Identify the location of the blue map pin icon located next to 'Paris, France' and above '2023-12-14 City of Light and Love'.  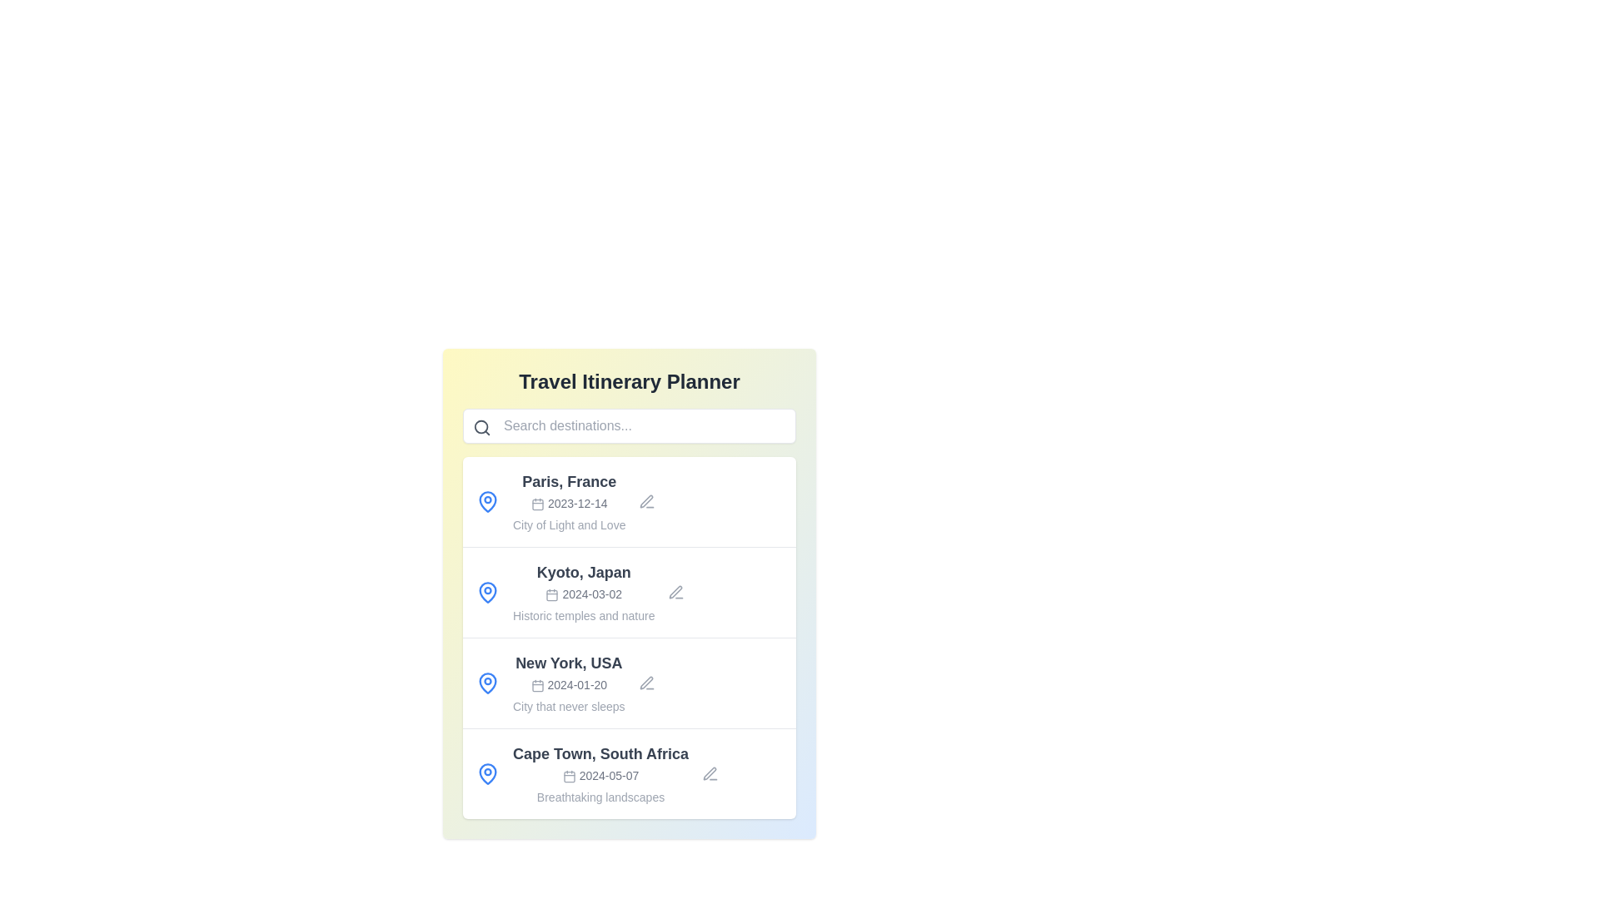
(486, 500).